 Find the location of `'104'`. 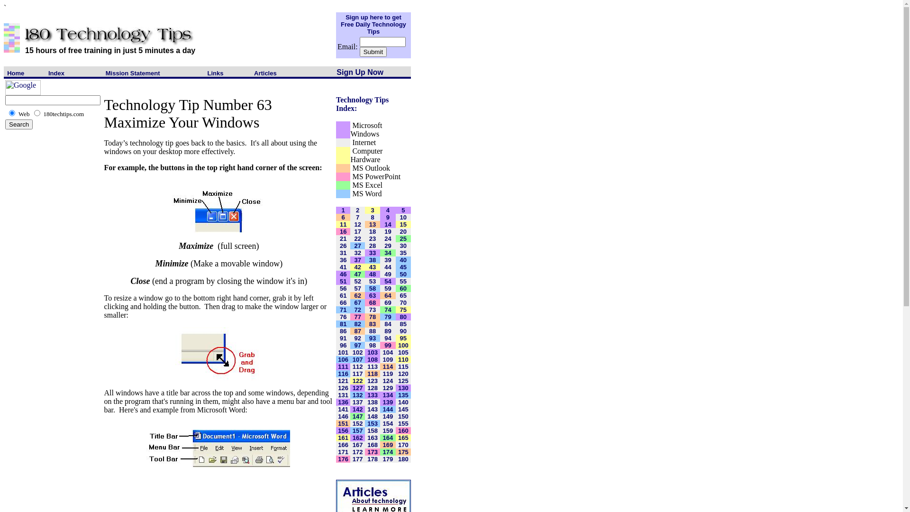

'104' is located at coordinates (388, 352).